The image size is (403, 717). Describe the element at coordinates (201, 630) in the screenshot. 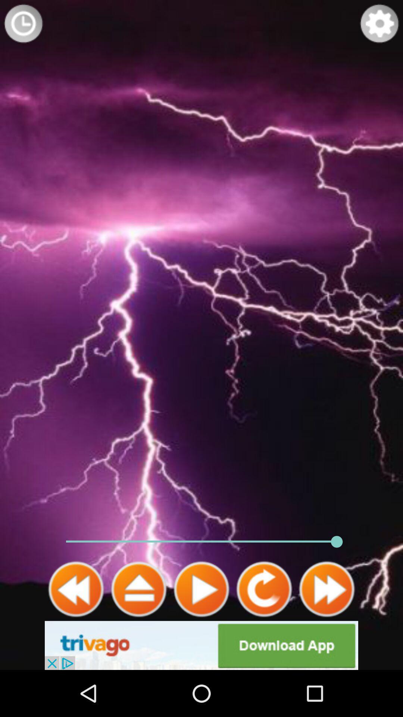

I see `the play icon` at that location.